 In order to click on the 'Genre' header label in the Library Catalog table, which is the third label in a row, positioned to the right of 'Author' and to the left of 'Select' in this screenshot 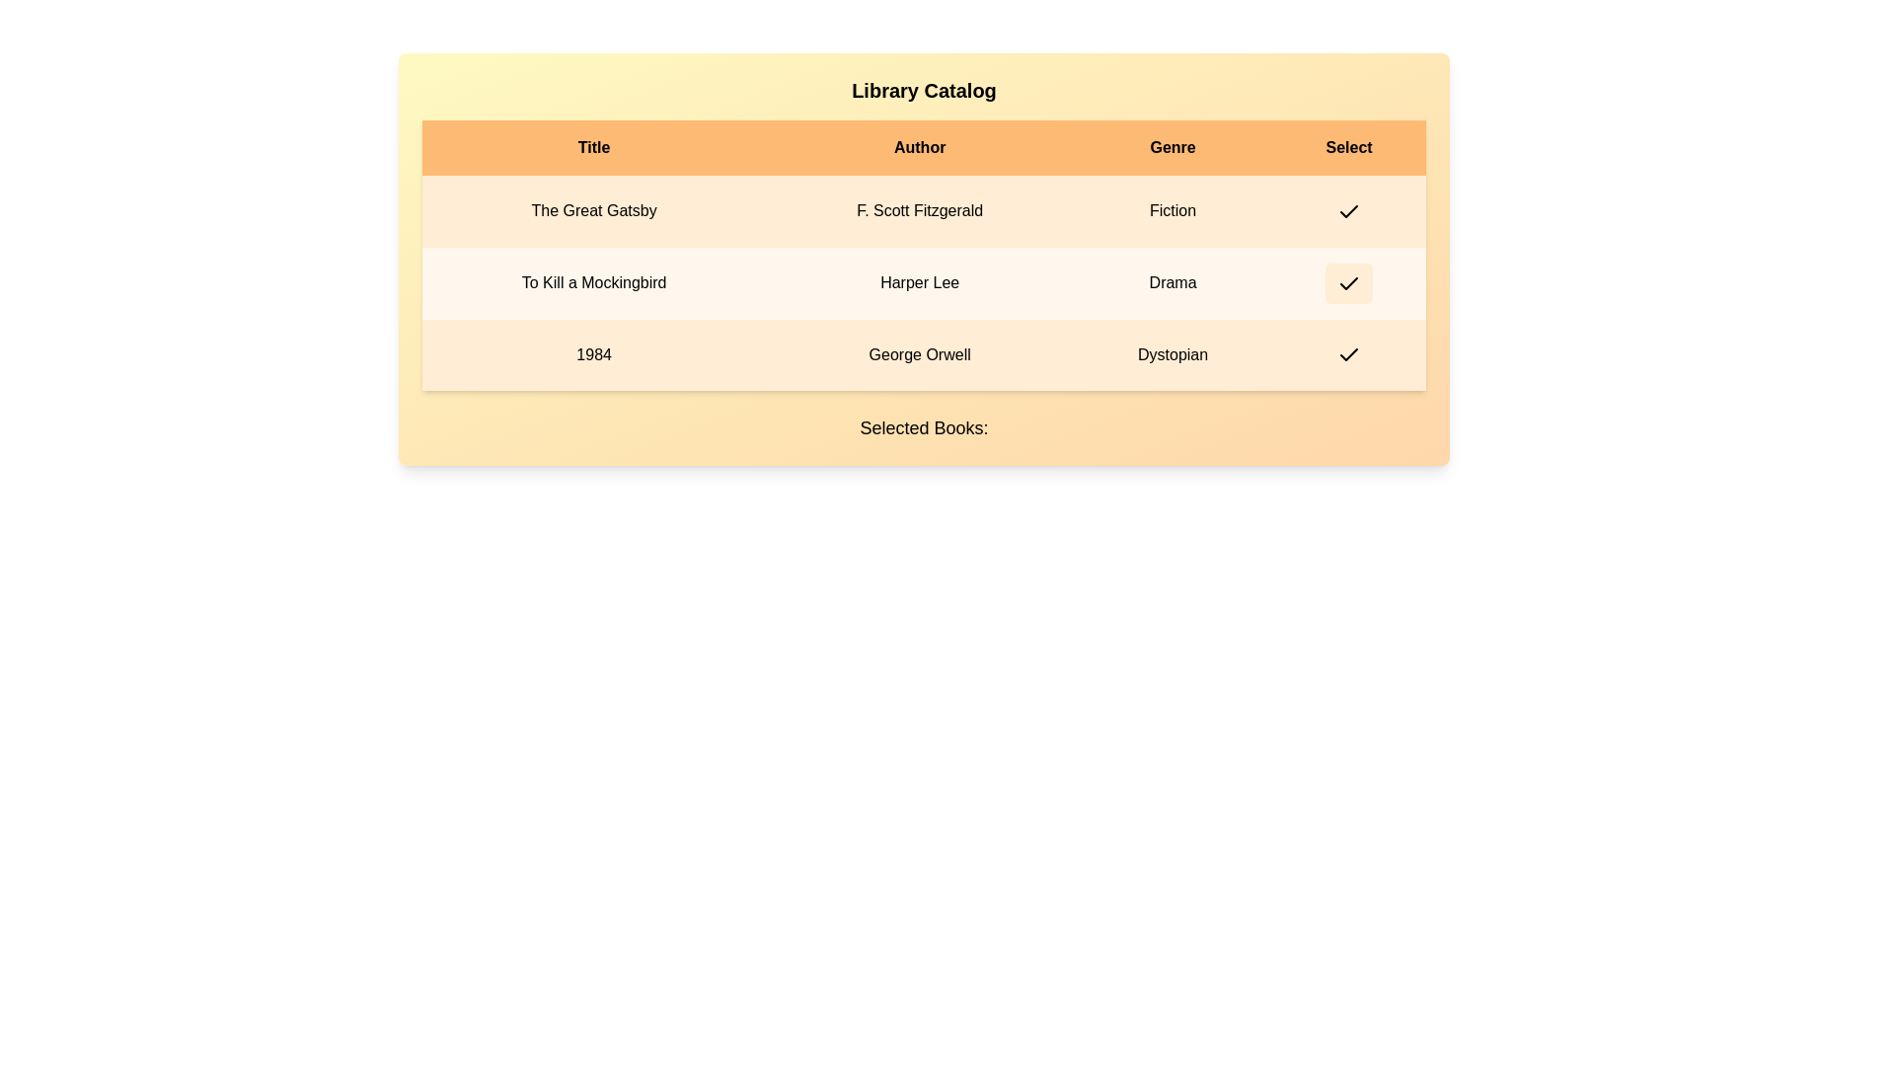, I will do `click(1173, 147)`.